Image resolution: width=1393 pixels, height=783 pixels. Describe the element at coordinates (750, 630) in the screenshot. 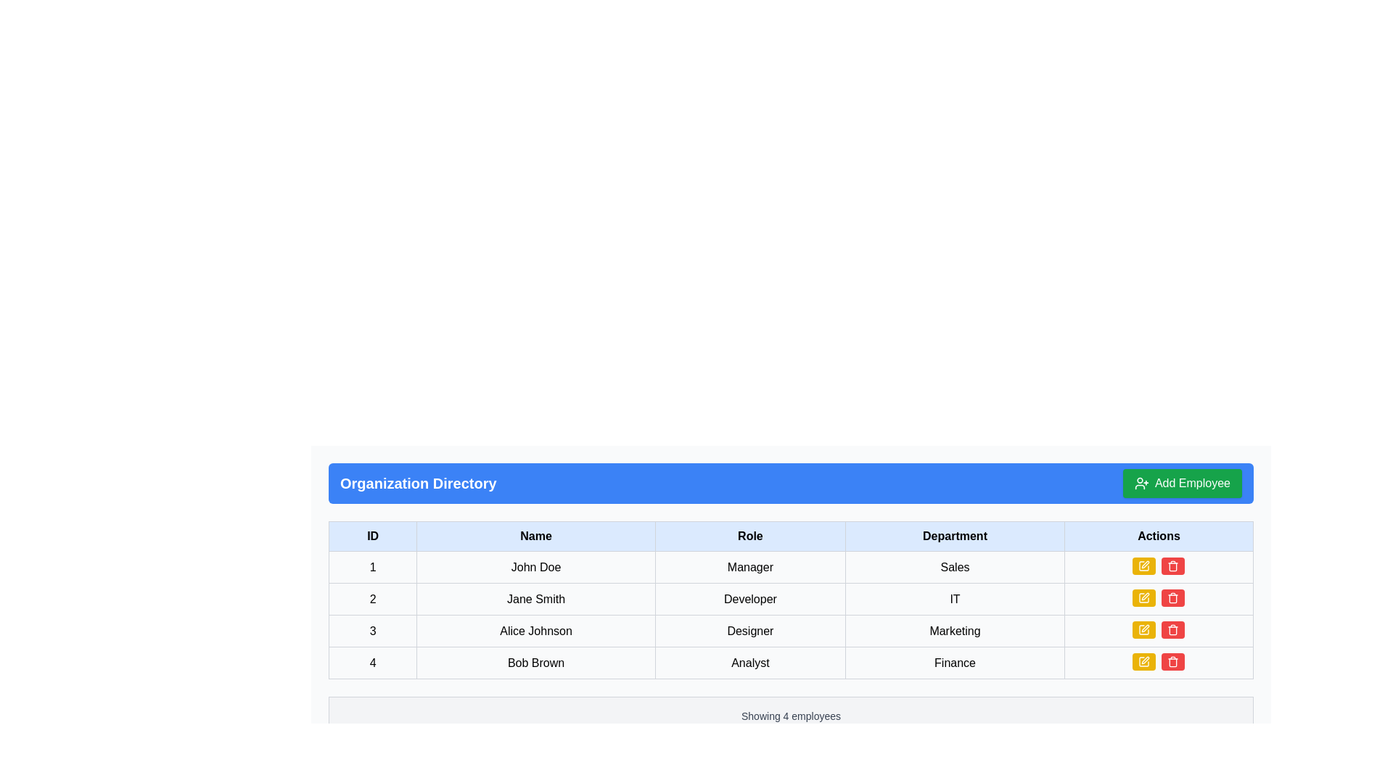

I see `displayed text in the text cell labeled 'Designer' located in the third row of the data grid under the 'Role' column, which is positioned between 'Alice Johnson' and 'Marketing'` at that location.